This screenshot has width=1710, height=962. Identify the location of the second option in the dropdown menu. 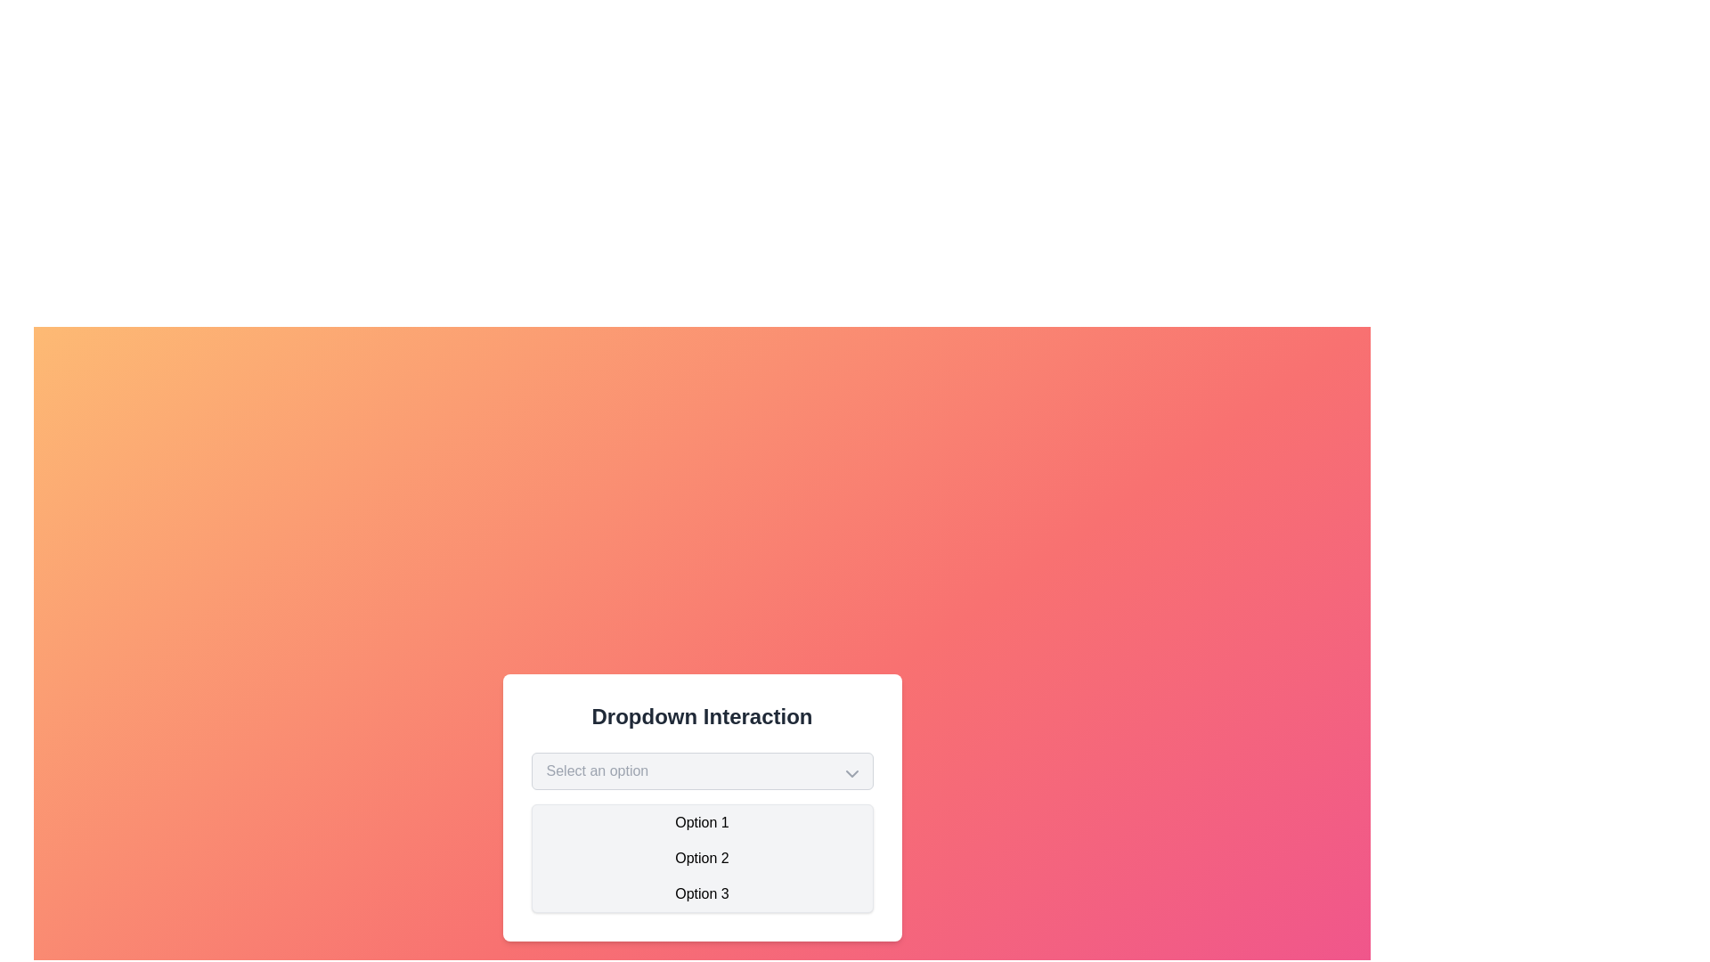
(701, 858).